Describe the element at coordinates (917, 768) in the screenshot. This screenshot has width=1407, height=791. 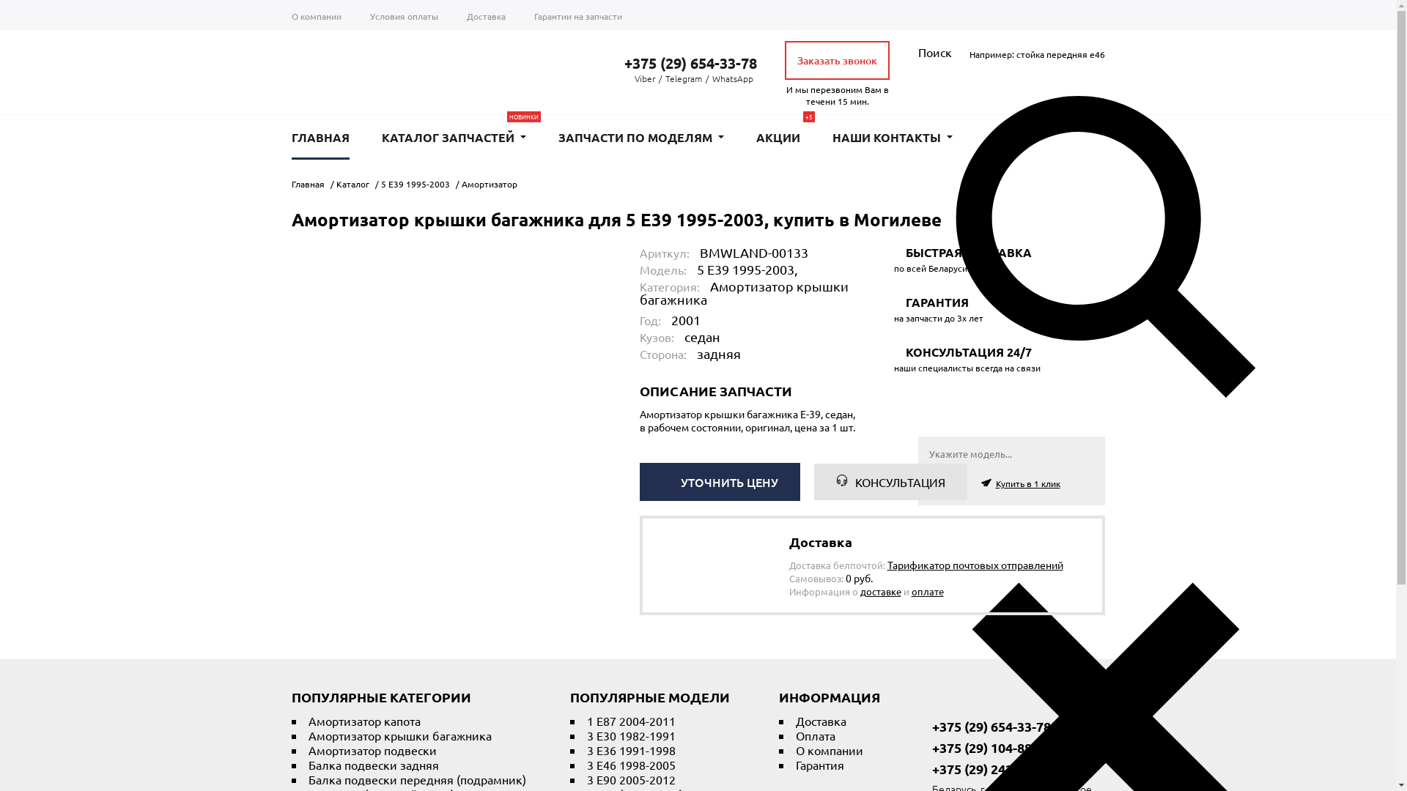
I see `'+375 (29) 242-21-05'` at that location.